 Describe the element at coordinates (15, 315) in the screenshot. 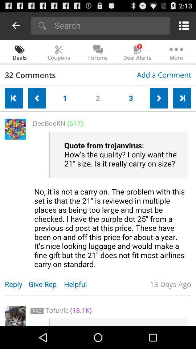

I see `the box next to 13 days ago` at that location.